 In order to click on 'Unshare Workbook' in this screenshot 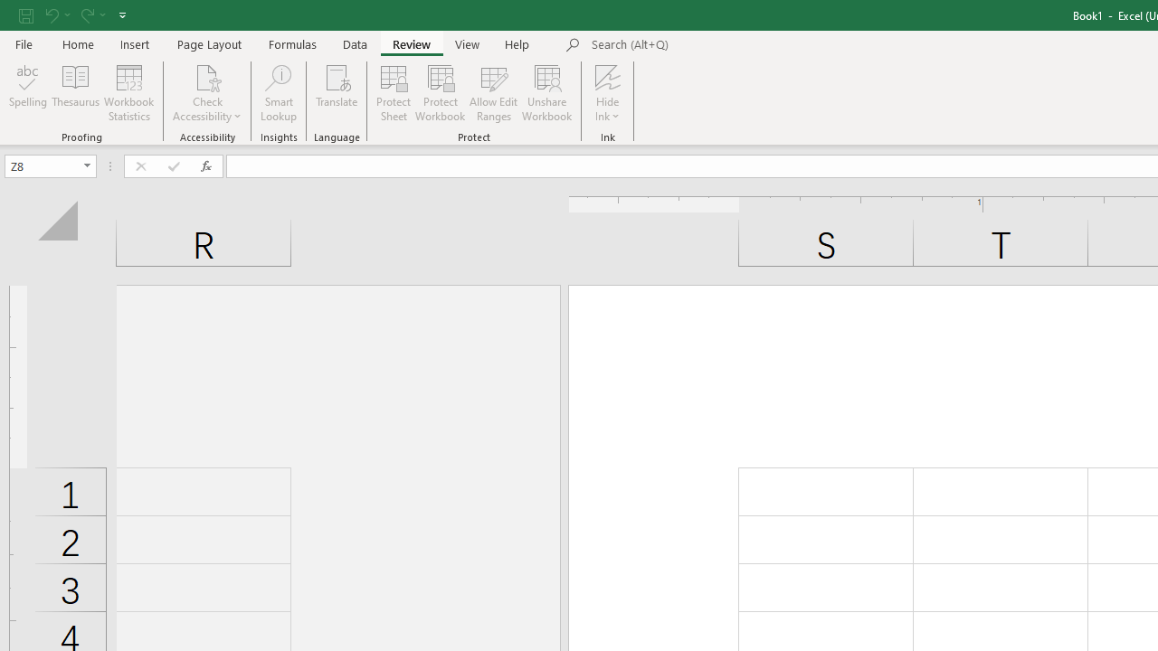, I will do `click(546, 93)`.